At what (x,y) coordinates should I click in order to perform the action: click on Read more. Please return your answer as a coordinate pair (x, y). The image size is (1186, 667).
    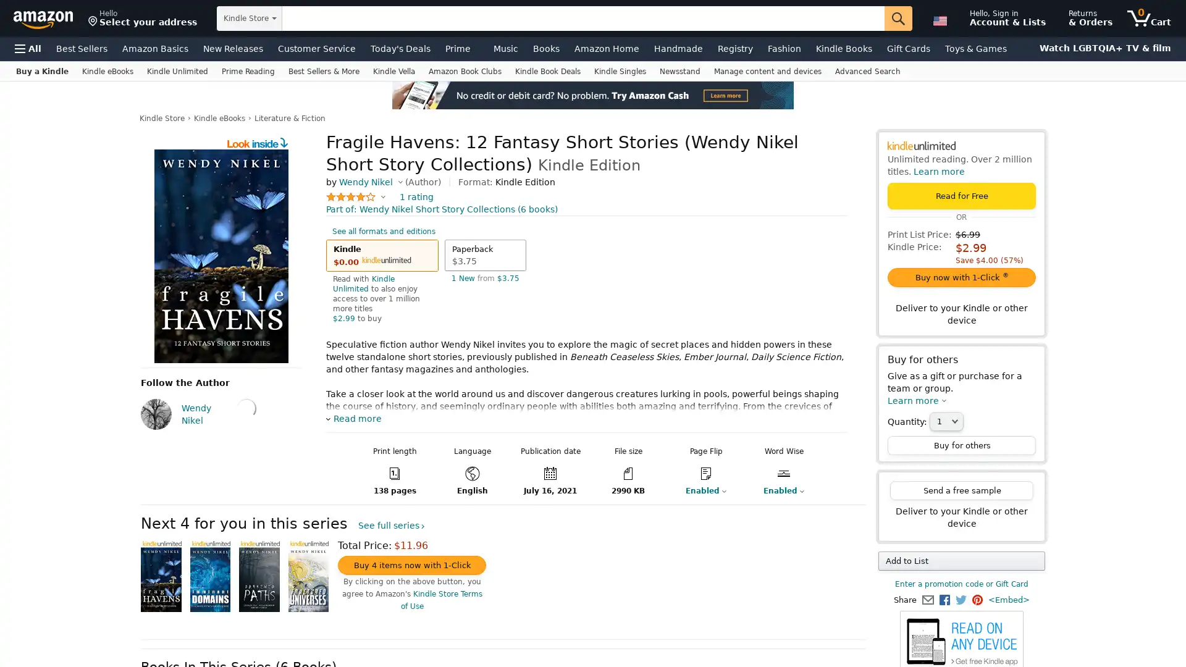
    Looking at the image, I should click on (353, 418).